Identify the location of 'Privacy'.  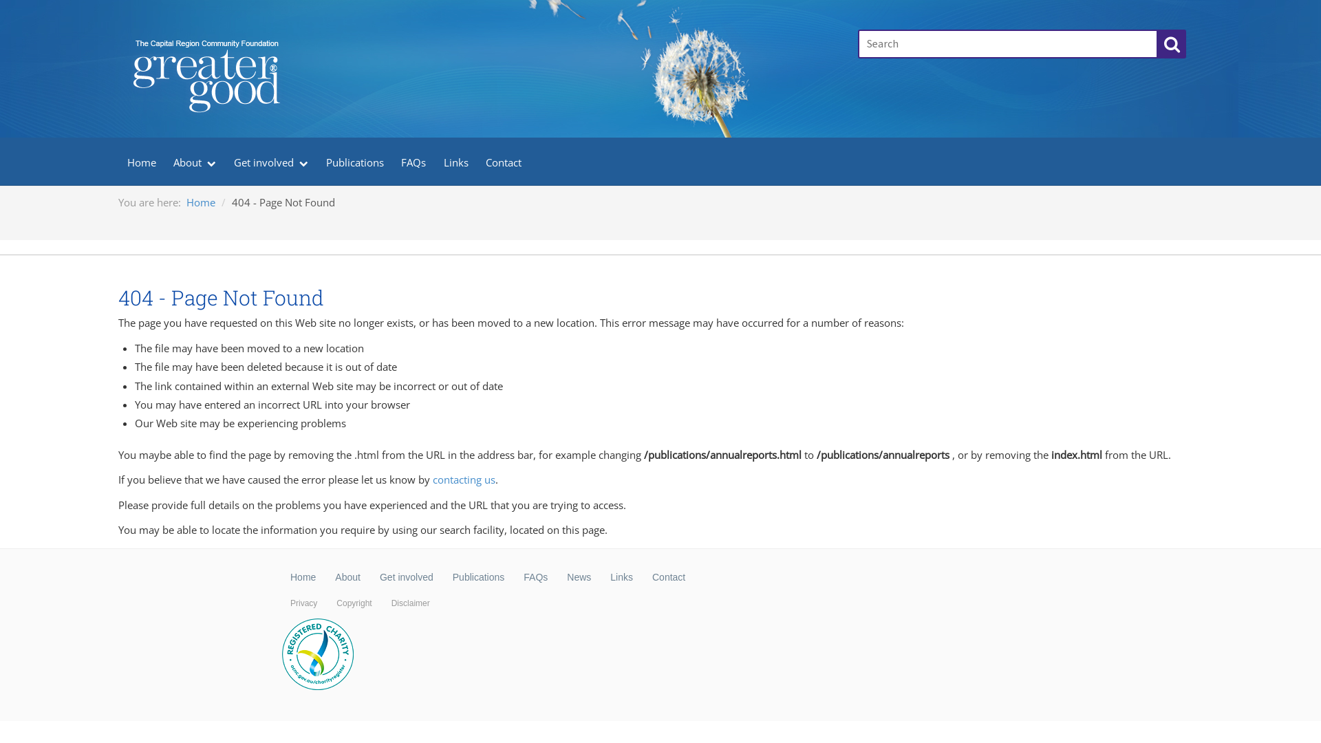
(303, 602).